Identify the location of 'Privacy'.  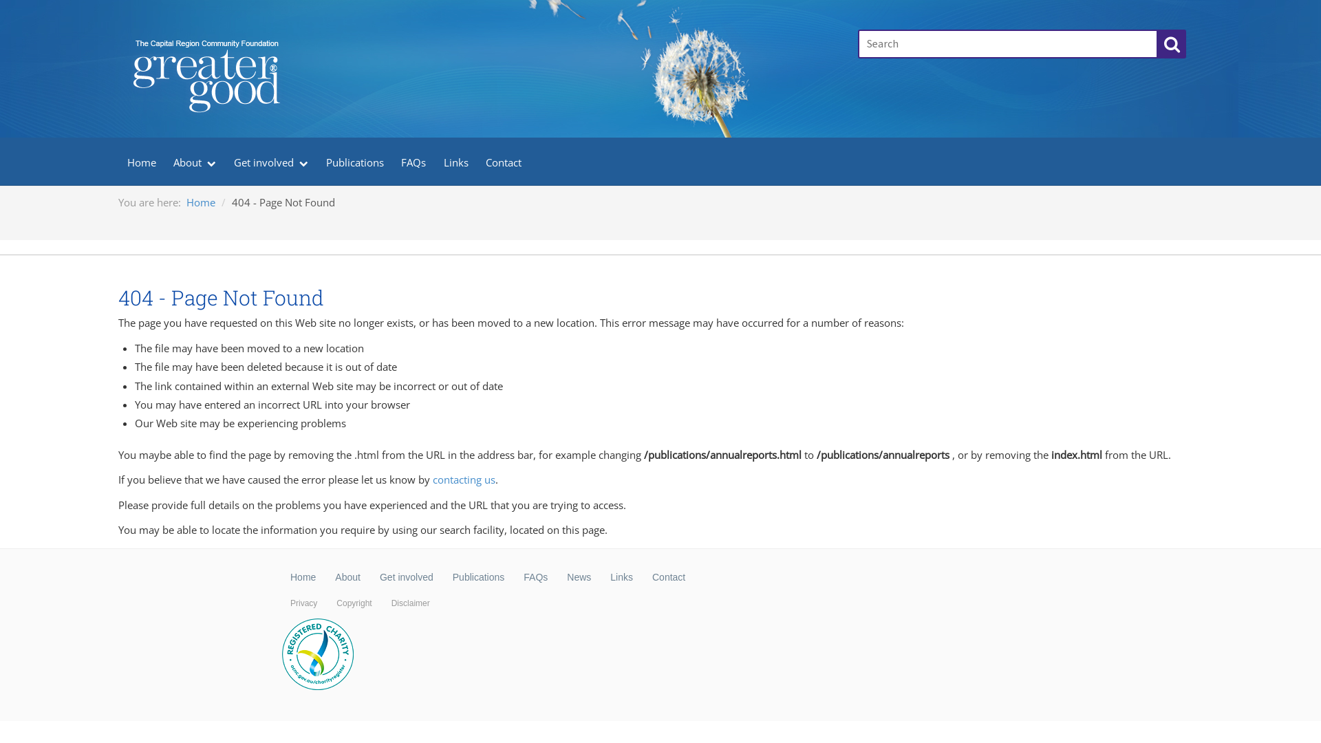
(303, 602).